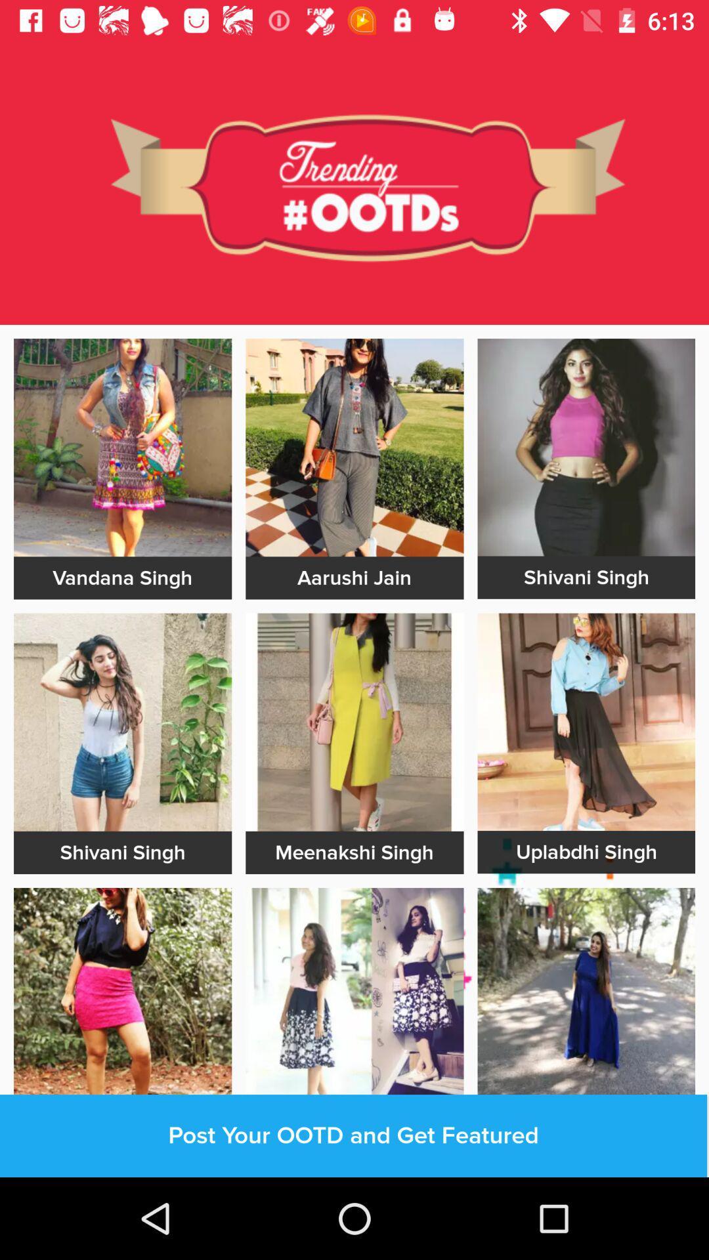  What do you see at coordinates (354, 997) in the screenshot?
I see `advertisement link` at bounding box center [354, 997].